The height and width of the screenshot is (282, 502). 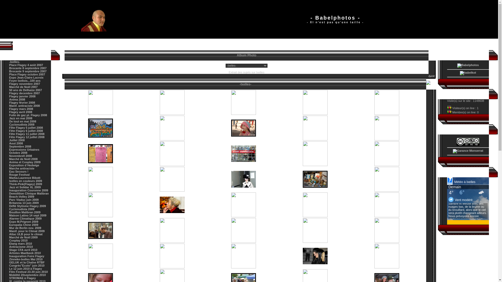 I want to click on '50 ans de Delhaize 2007', so click(x=25, y=90).